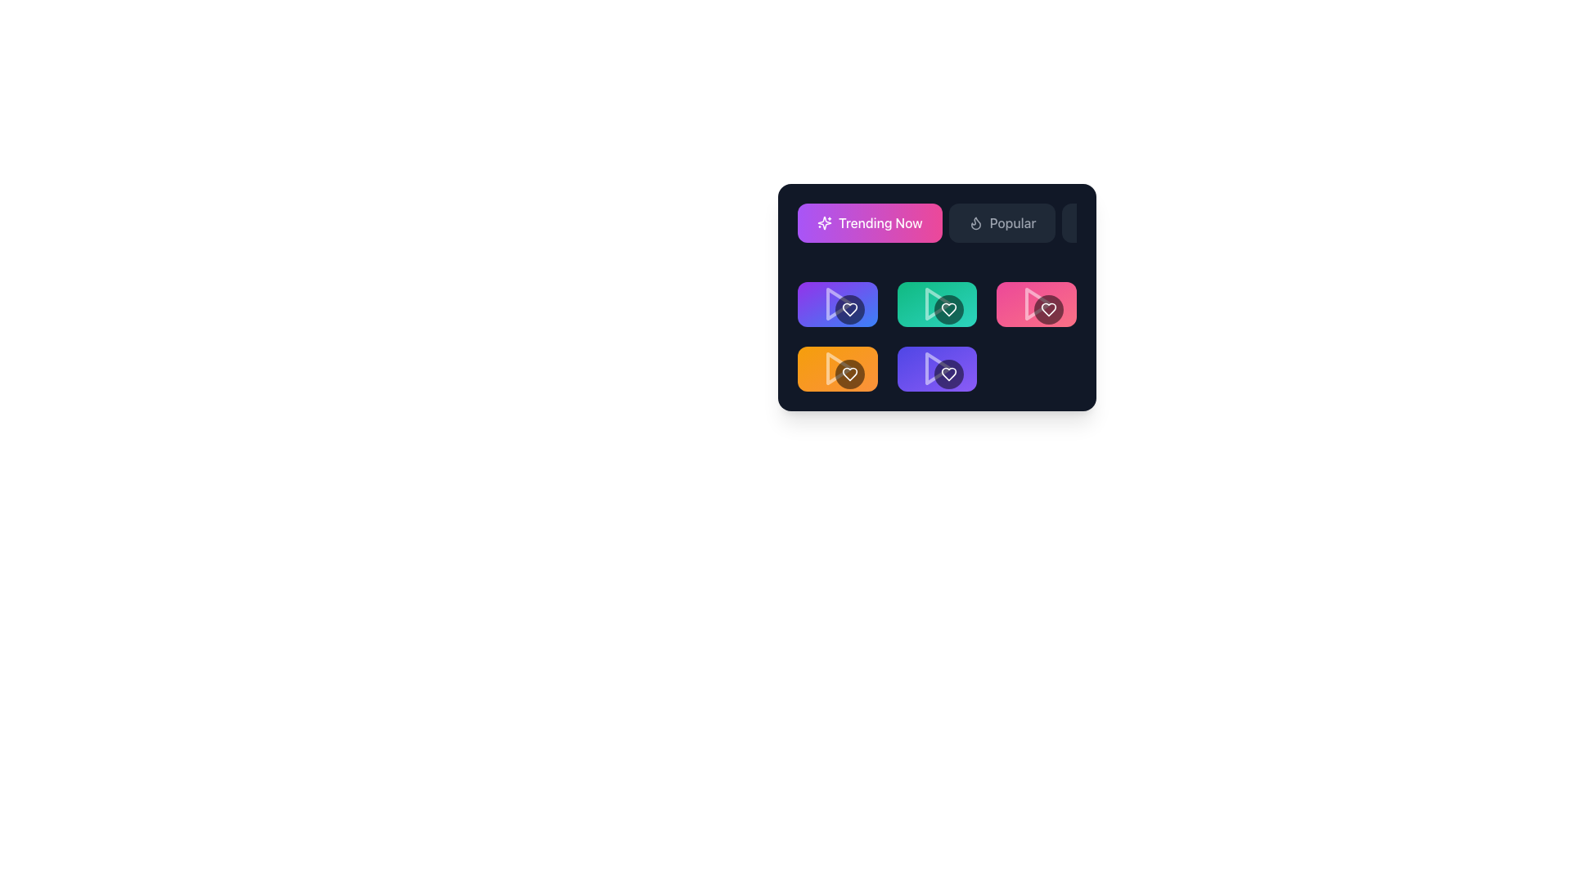  I want to click on the interactive video thumbnail button, which is a rounded rectangular button with a vibrant orange gradient background and a play icon with a heart symbol, located at the fourth position in a 2x3 grid layout, so click(837, 369).